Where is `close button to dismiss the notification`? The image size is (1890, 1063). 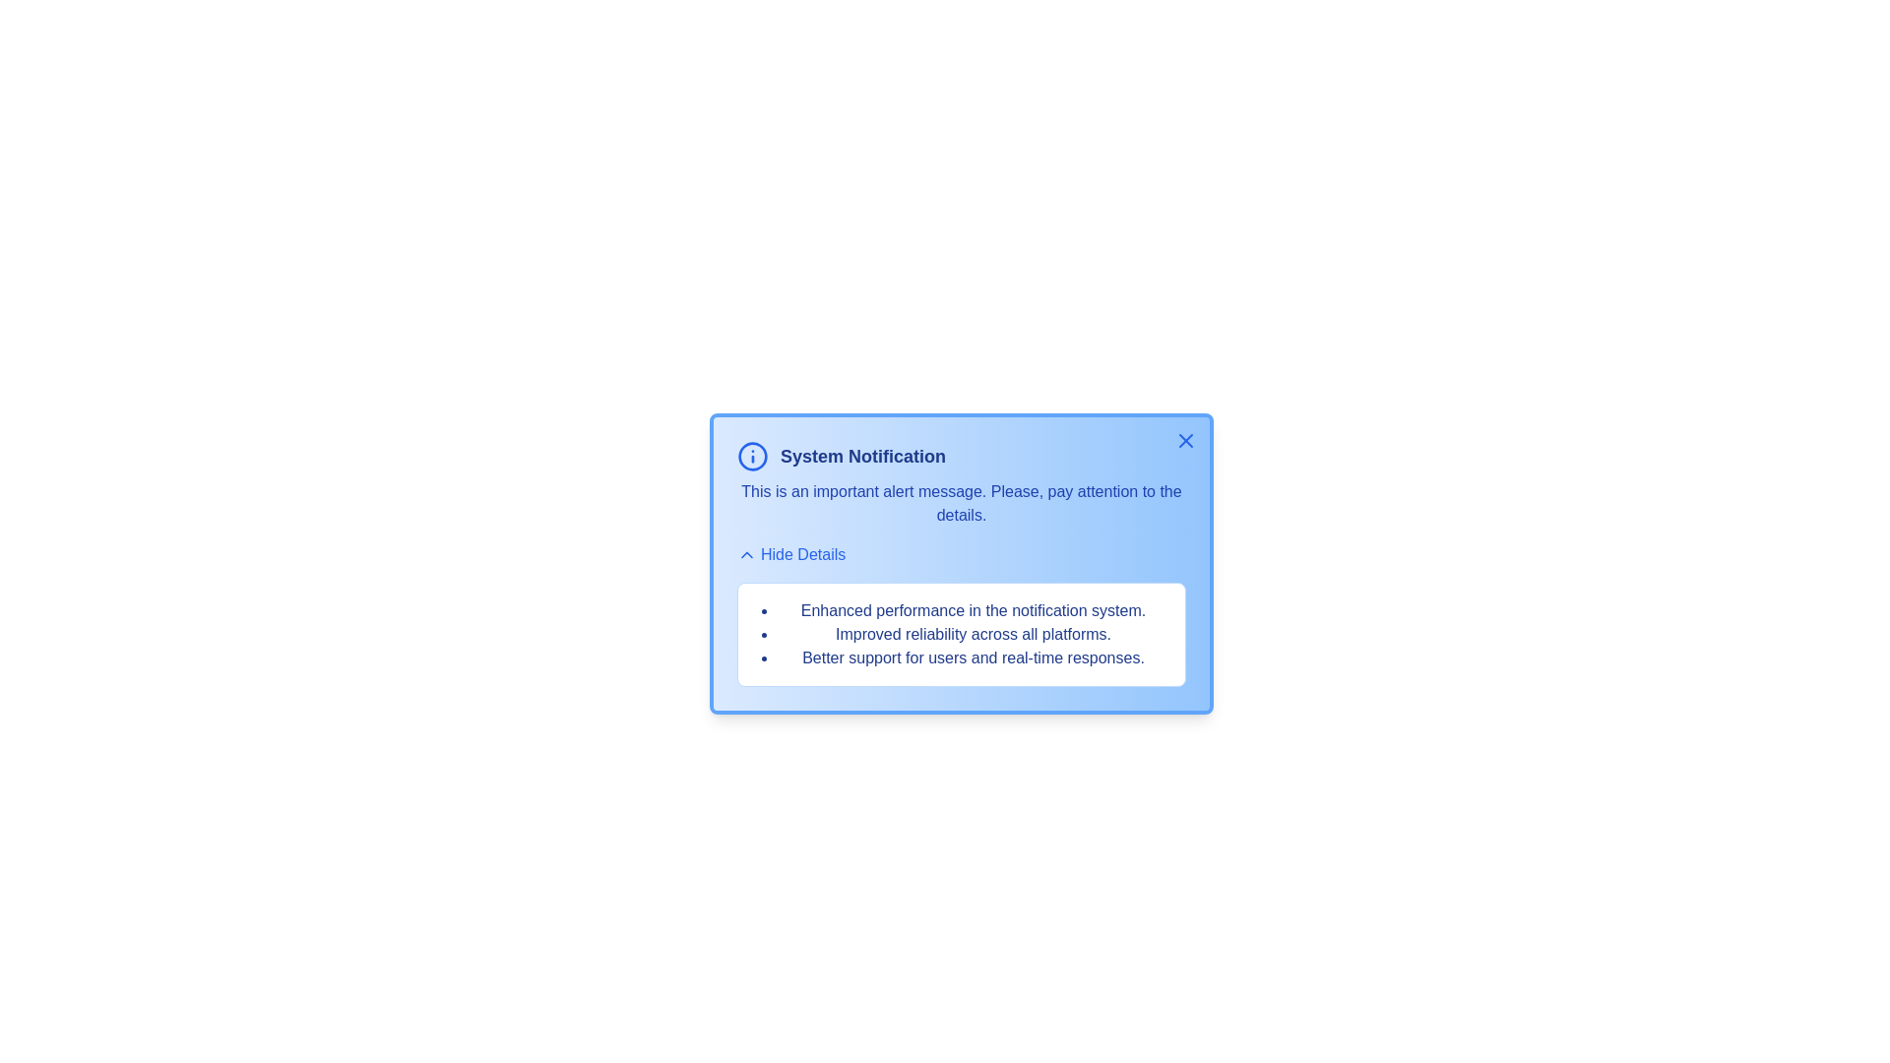
close button to dismiss the notification is located at coordinates (1184, 439).